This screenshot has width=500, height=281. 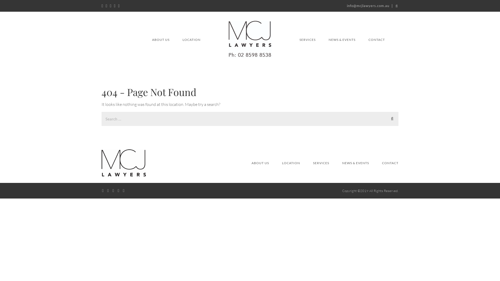 I want to click on 'ABOUT US', so click(x=260, y=163).